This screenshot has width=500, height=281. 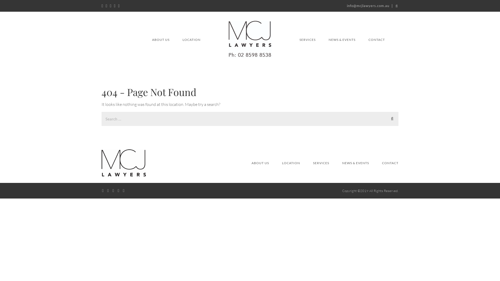 I want to click on 'ABOUT US', so click(x=260, y=163).